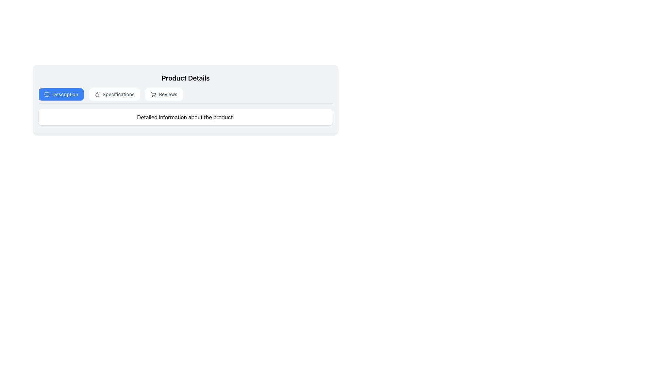 The image size is (653, 367). Describe the element at coordinates (97, 94) in the screenshot. I see `the decorative icon representing 'Specifications' located in the 'Specifications' tab, positioned to the immediate right of the 'Description' tab` at that location.